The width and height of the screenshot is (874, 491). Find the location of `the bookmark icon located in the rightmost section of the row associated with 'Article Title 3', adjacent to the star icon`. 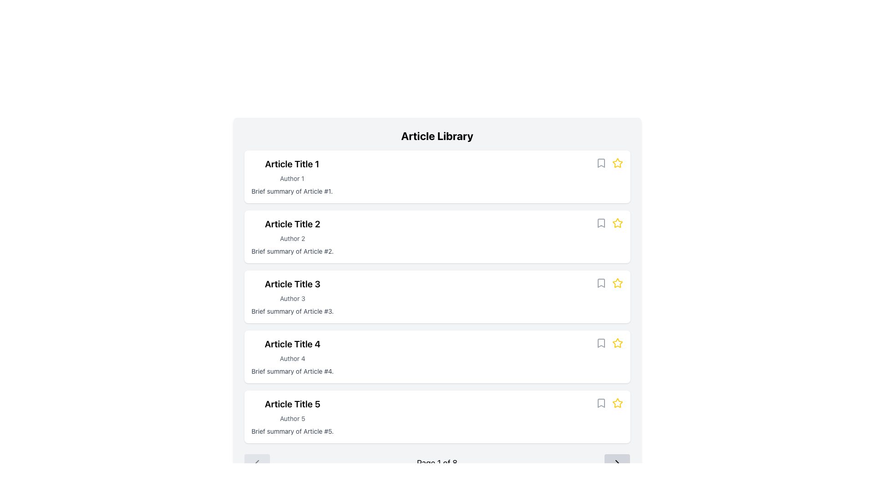

the bookmark icon located in the rightmost section of the row associated with 'Article Title 3', adjacent to the star icon is located at coordinates (601, 283).